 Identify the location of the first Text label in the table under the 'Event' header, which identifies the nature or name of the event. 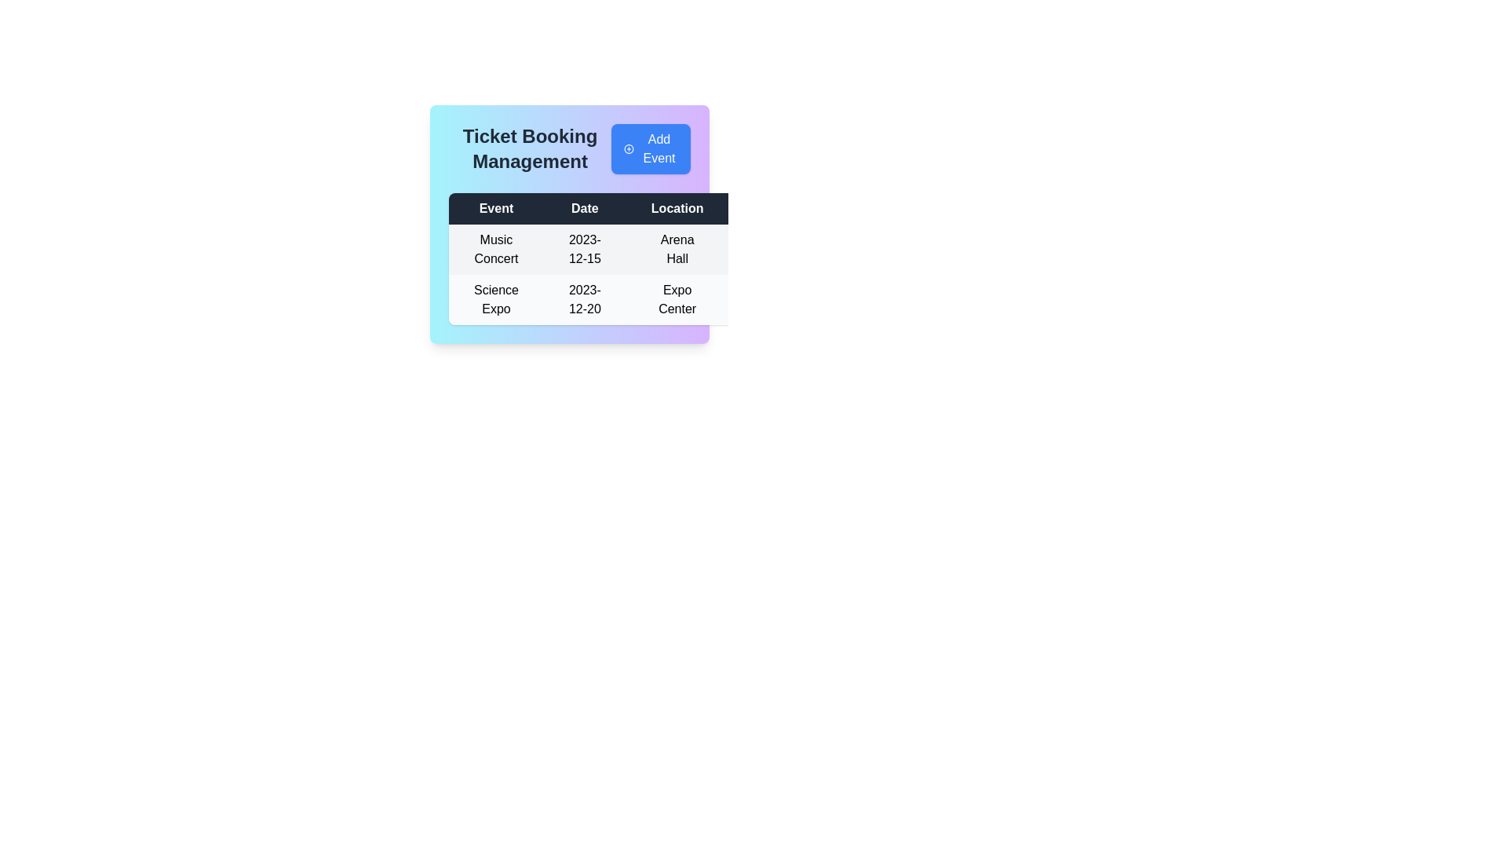
(495, 248).